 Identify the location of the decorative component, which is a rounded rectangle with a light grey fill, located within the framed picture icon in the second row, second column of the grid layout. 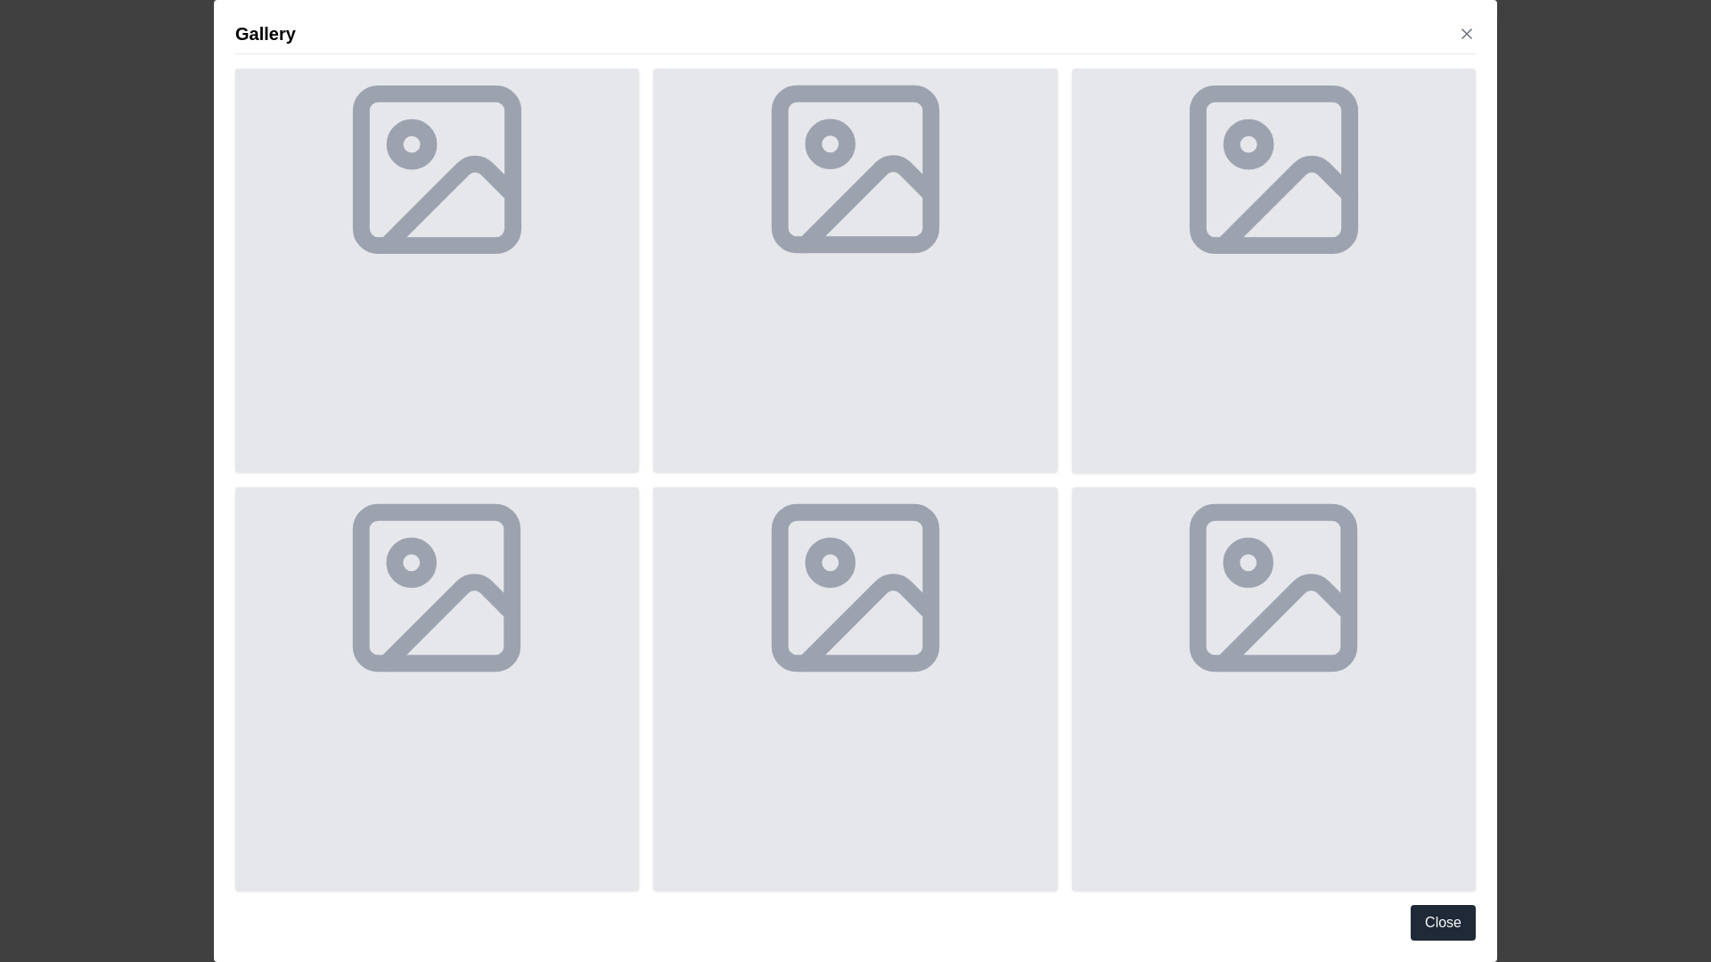
(855, 587).